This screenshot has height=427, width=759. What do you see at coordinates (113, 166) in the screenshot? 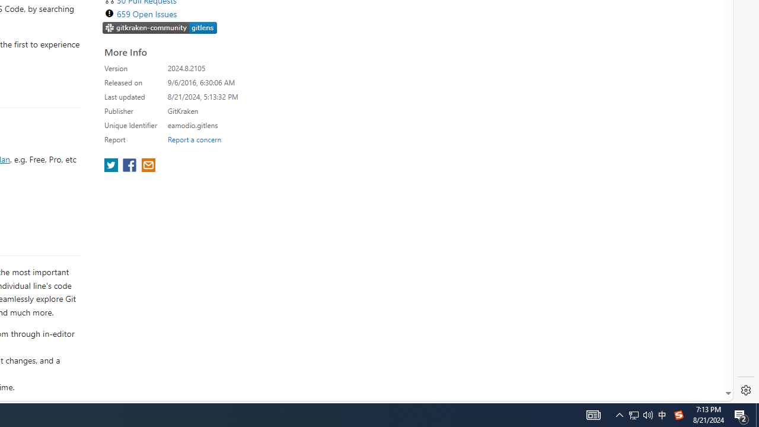
I see `'share extension on twitter'` at bounding box center [113, 166].